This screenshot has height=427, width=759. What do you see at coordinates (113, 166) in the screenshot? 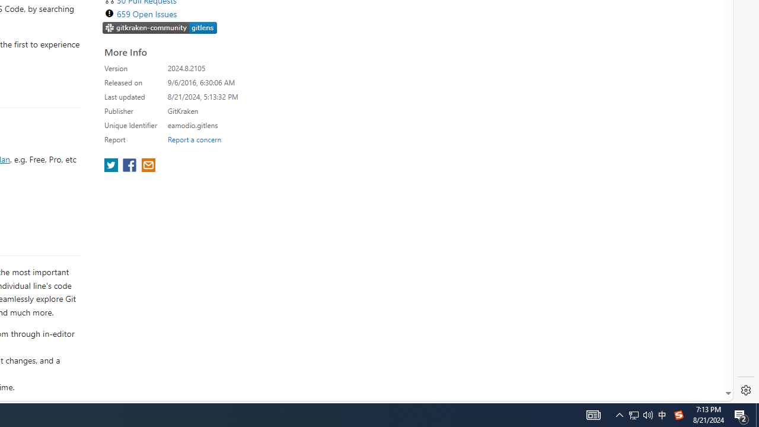
I see `'share extension on twitter'` at bounding box center [113, 166].